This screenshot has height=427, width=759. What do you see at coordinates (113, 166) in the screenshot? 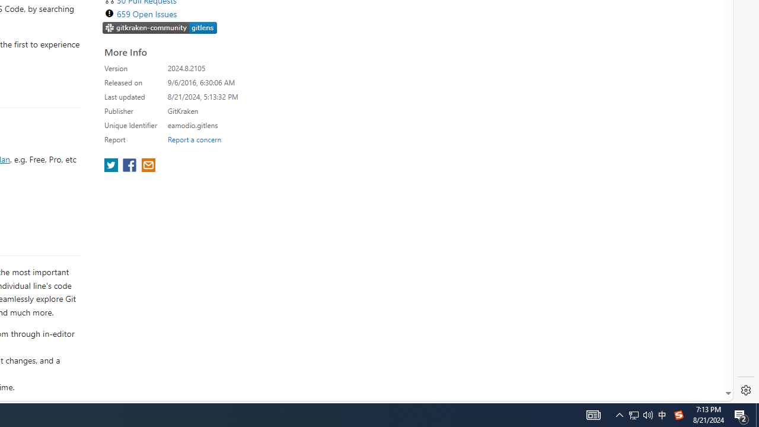
I see `'share extension on twitter'` at bounding box center [113, 166].